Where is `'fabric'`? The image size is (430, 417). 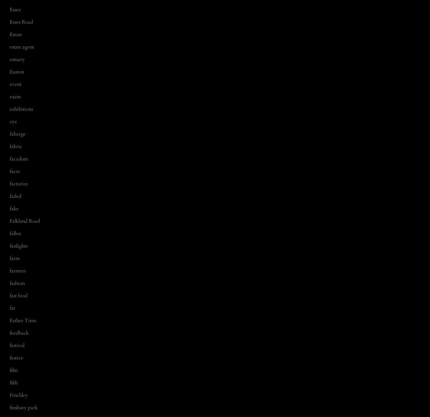 'fabric' is located at coordinates (16, 145).